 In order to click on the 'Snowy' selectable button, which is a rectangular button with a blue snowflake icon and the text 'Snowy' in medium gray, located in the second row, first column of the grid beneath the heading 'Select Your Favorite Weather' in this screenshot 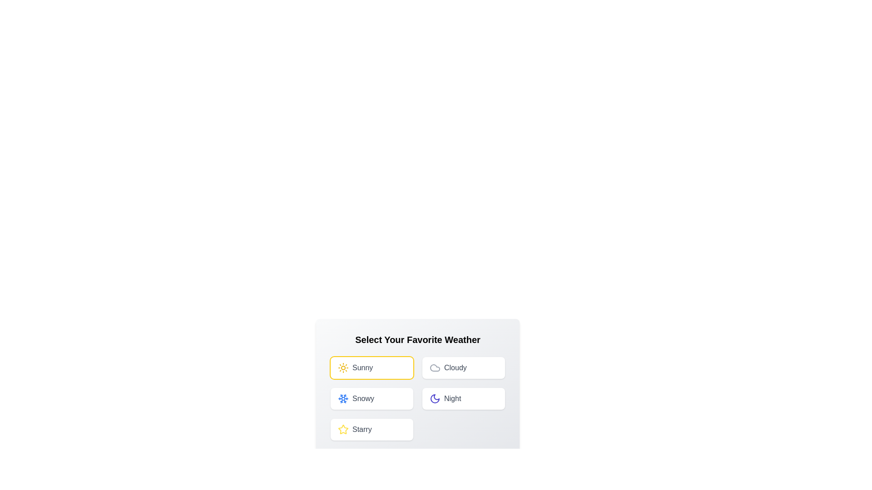, I will do `click(372, 398)`.